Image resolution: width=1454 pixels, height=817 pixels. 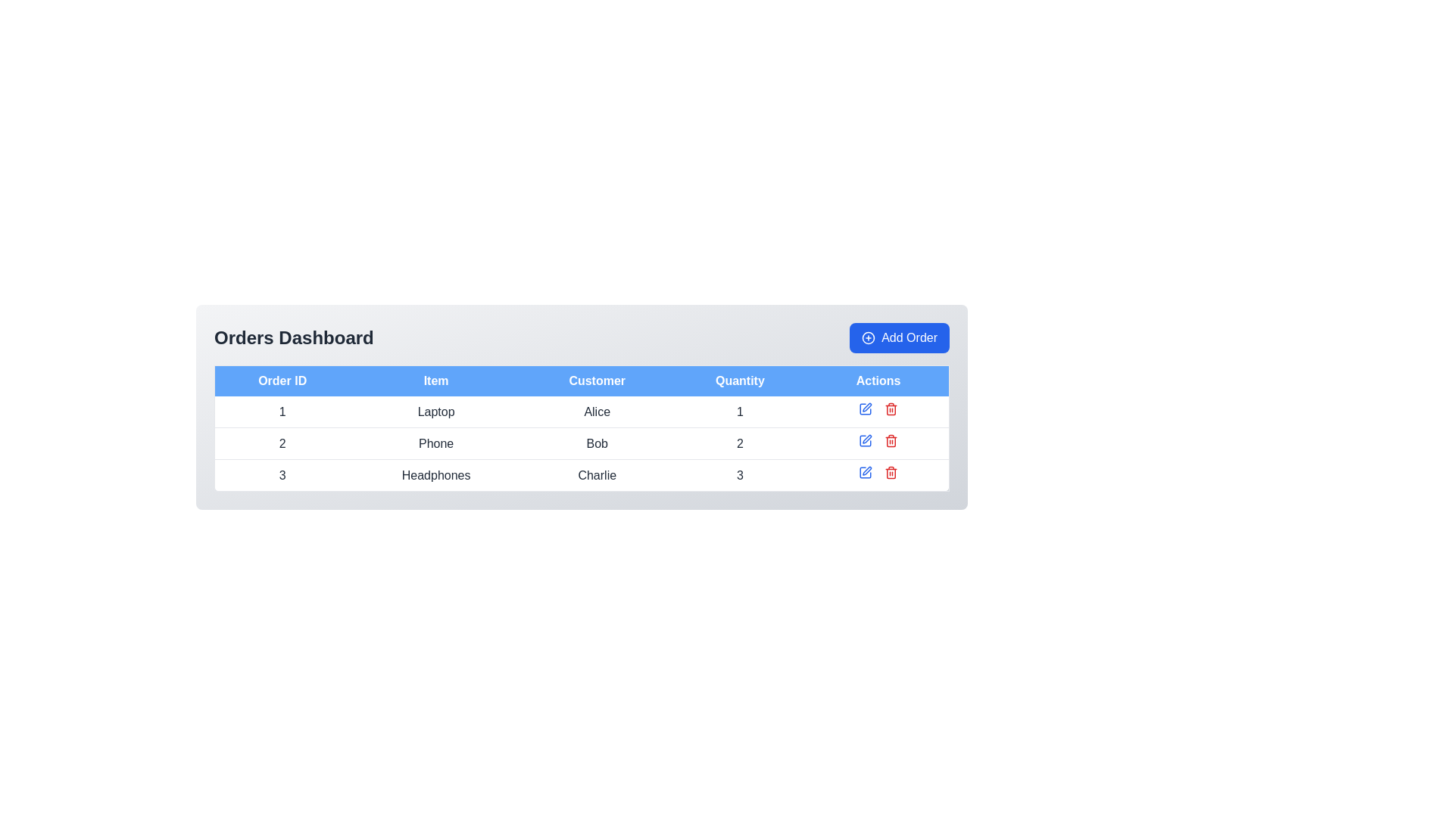 What do you see at coordinates (891, 440) in the screenshot?
I see `the red trash bin icon button located in the second row of the 'Actions' column in the table` at bounding box center [891, 440].